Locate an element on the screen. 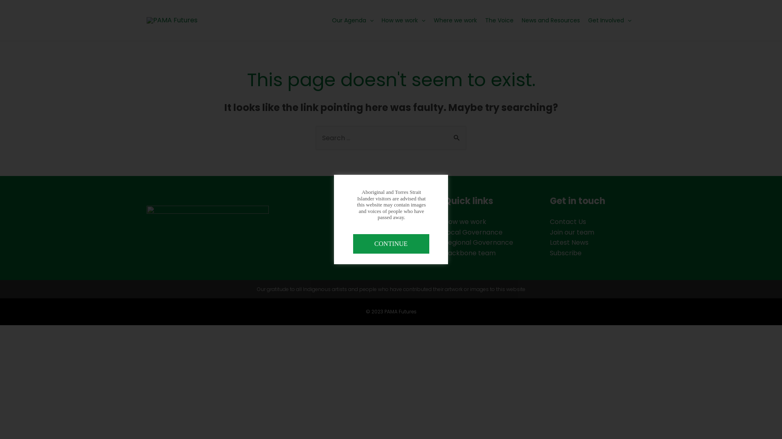 This screenshot has width=782, height=439. 'CONTINUE' is located at coordinates (390, 243).